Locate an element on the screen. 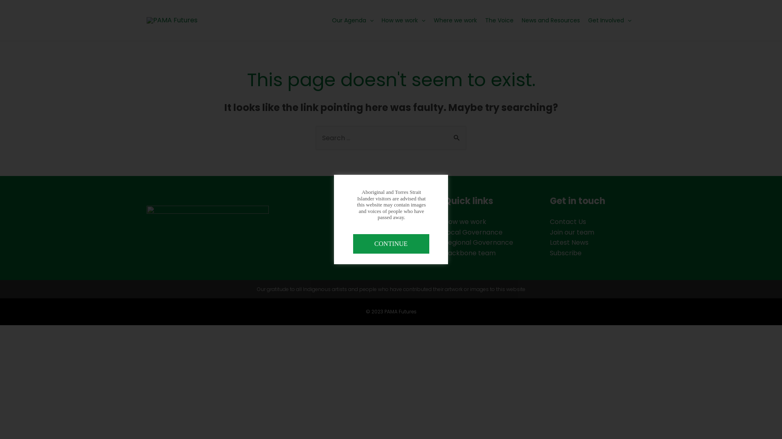 This screenshot has width=782, height=439. 'CONTINUE' is located at coordinates (390, 243).